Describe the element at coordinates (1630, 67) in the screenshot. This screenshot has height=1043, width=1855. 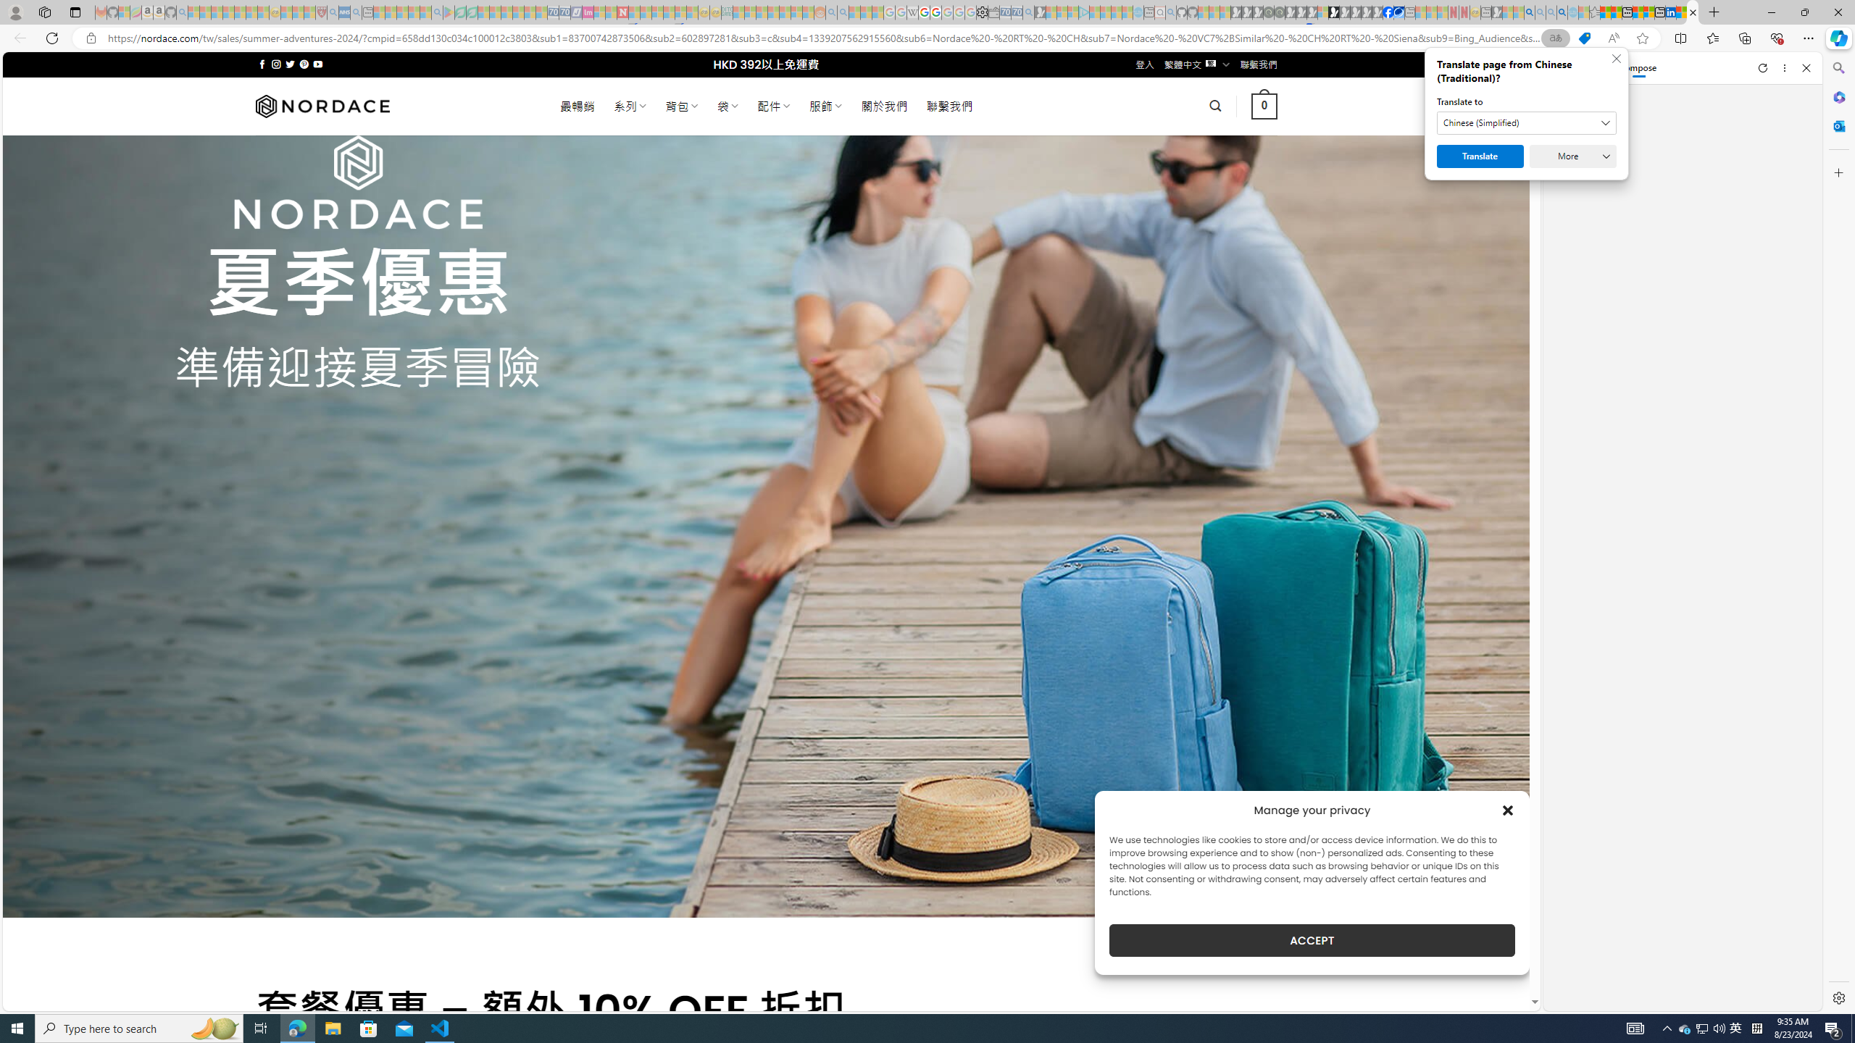
I see `'Compose'` at that location.